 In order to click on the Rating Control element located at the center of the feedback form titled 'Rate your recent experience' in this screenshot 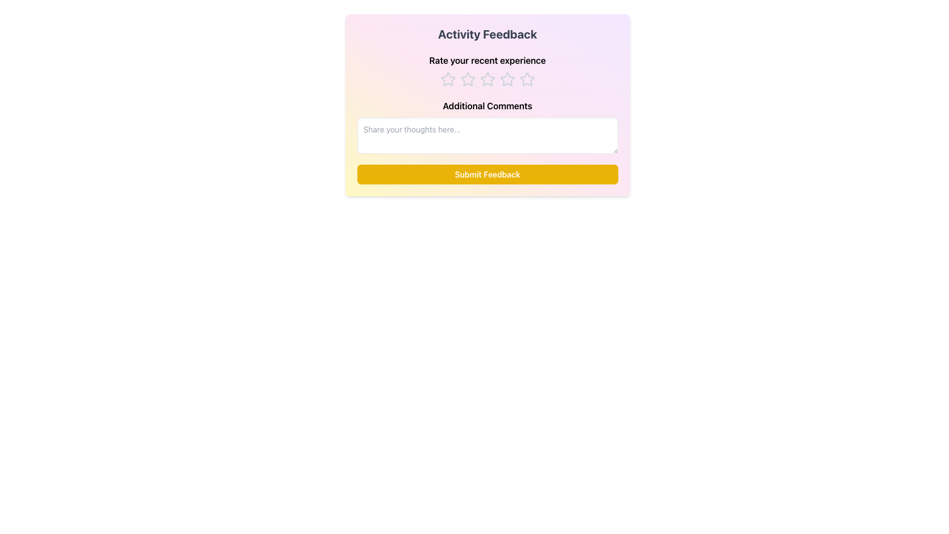, I will do `click(487, 79)`.